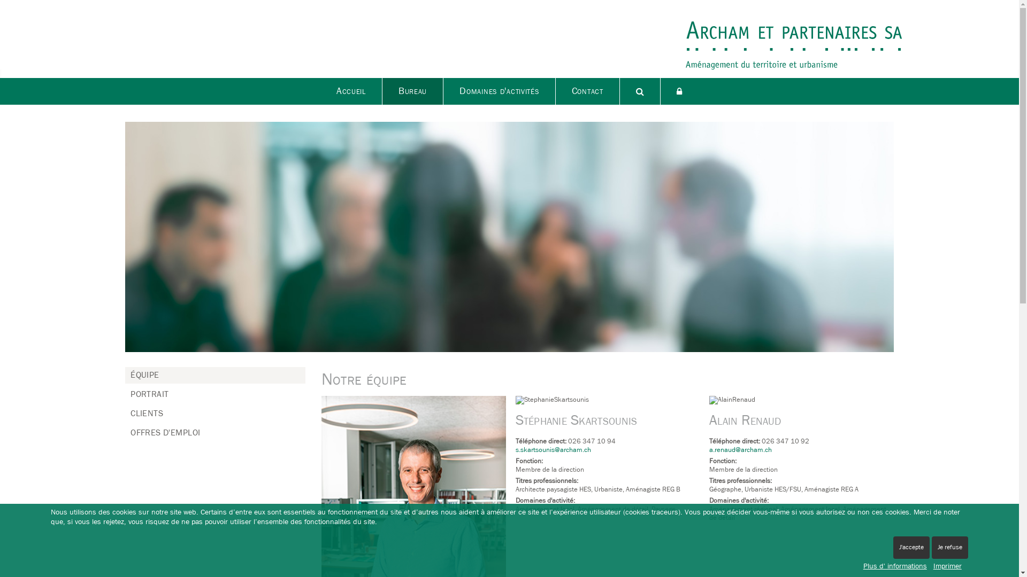 This screenshot has width=1027, height=577. Describe the element at coordinates (709, 450) in the screenshot. I see `'a.renaud@archam.ch'` at that location.